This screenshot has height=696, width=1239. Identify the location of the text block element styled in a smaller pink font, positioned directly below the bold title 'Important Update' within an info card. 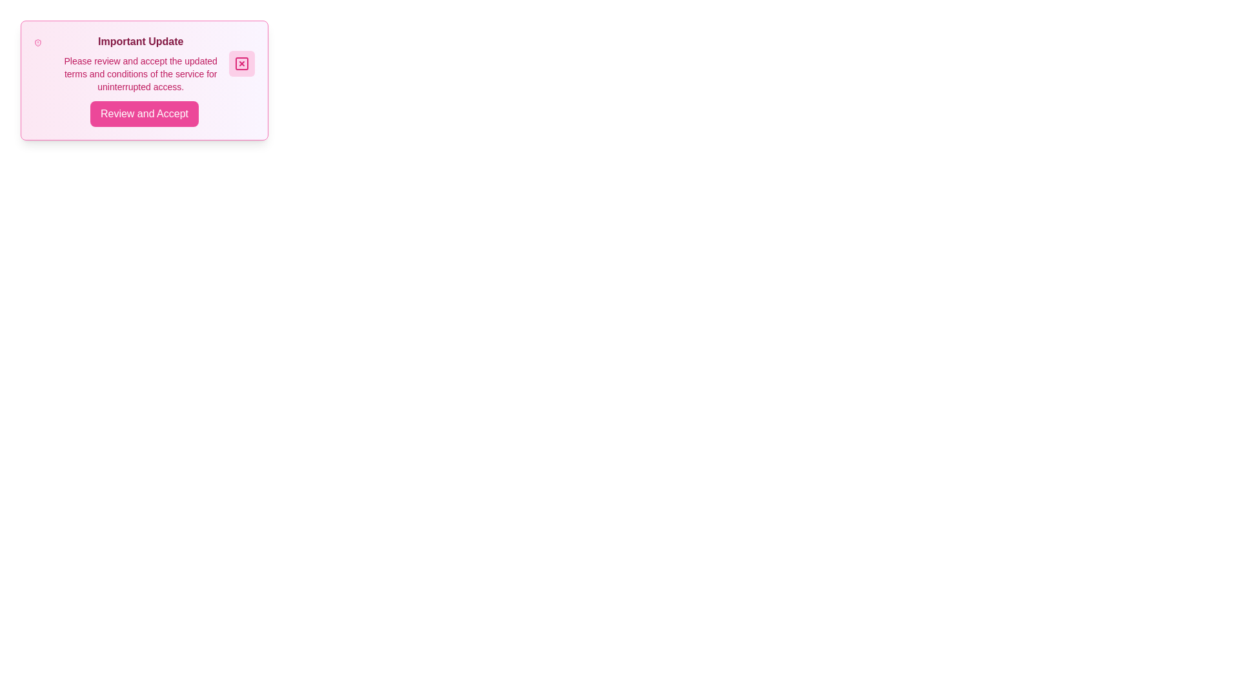
(141, 74).